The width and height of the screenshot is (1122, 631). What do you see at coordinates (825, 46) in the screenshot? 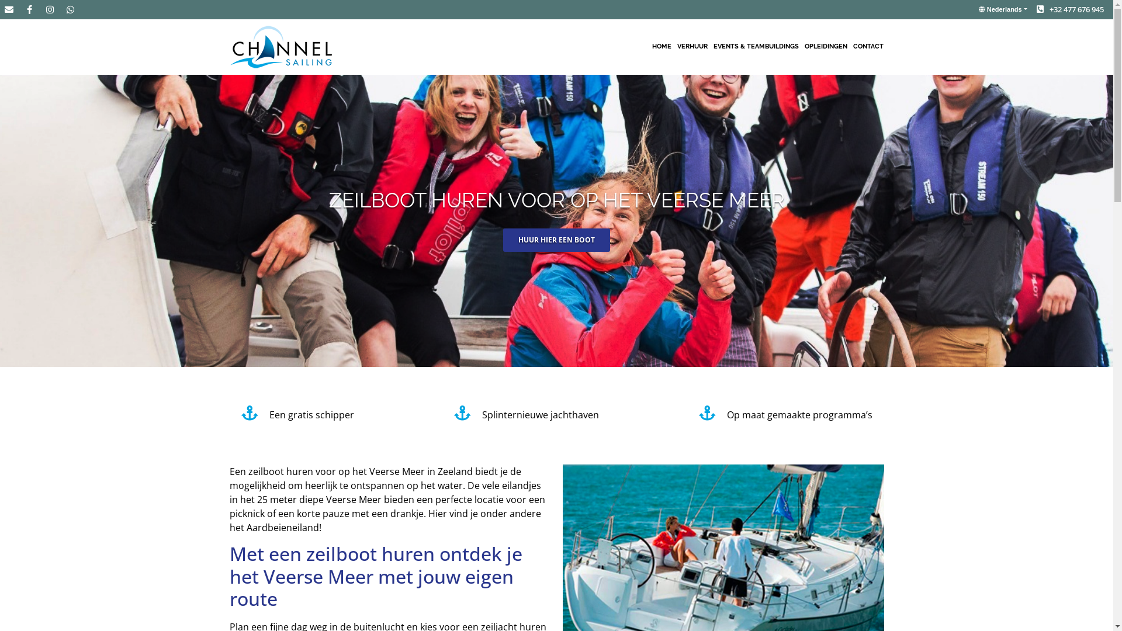
I see `'OPLEIDINGEN'` at bounding box center [825, 46].